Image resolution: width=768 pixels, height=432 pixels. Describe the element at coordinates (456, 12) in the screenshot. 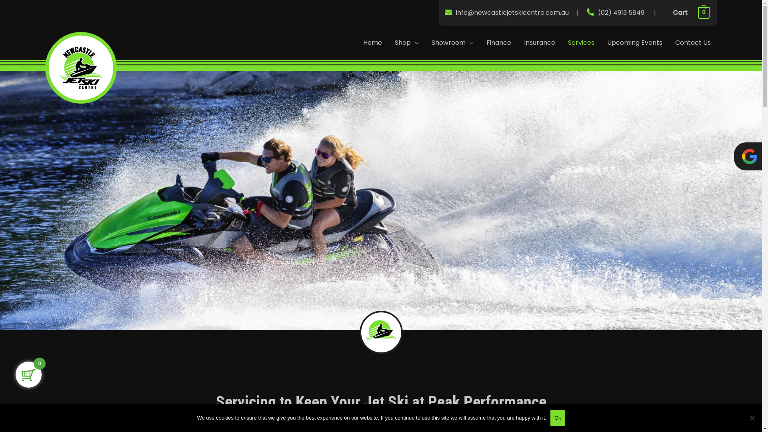

I see `'info@newcastlejetskicentre.com.au'` at that location.